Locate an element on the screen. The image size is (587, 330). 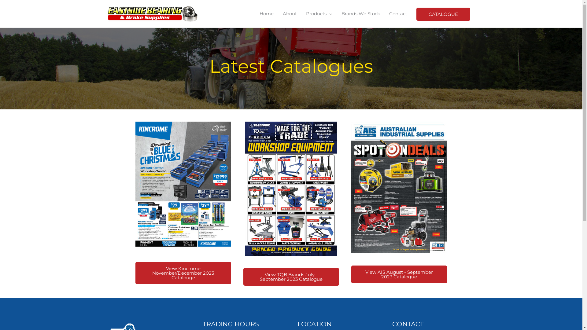
'Products' is located at coordinates (319, 14).